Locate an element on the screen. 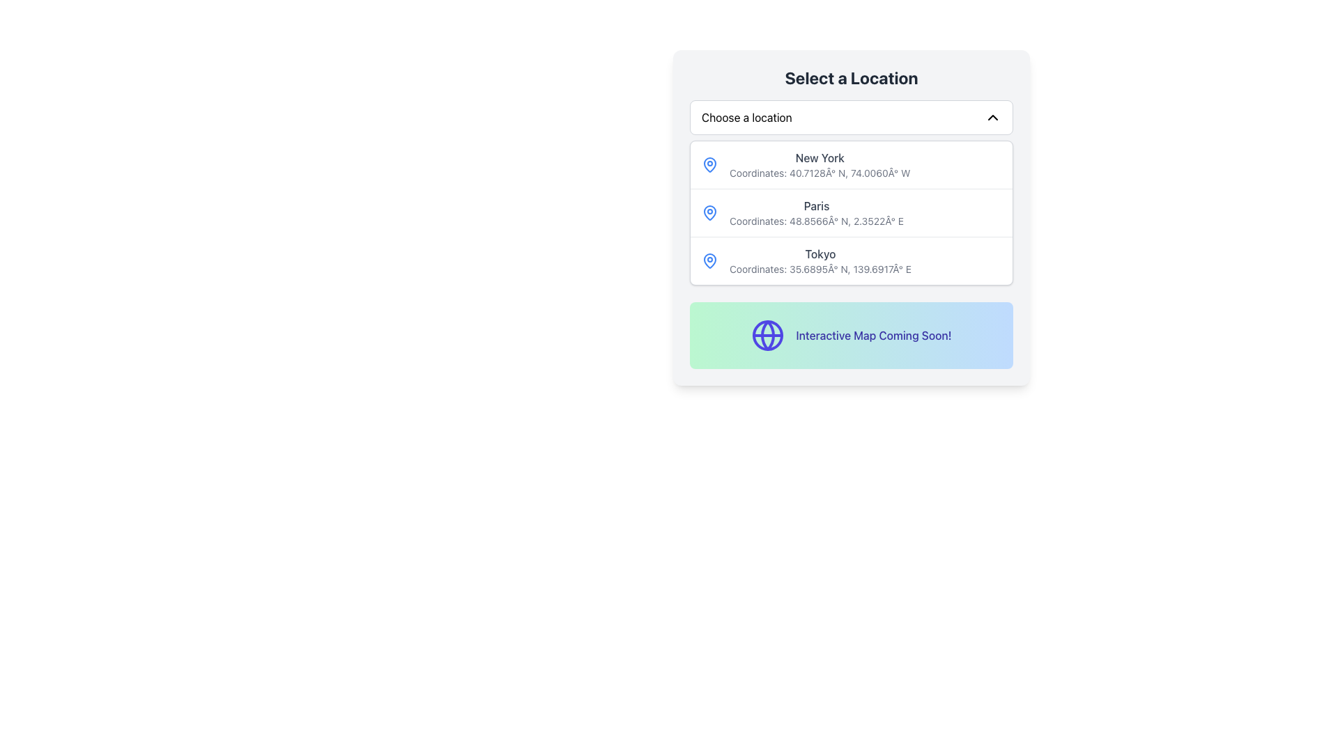 The height and width of the screenshot is (752, 1338). the globe icon that visually complements the text label 'Interactive Map Coming Soon!' in the 'Select a Location' interface section is located at coordinates (767, 336).